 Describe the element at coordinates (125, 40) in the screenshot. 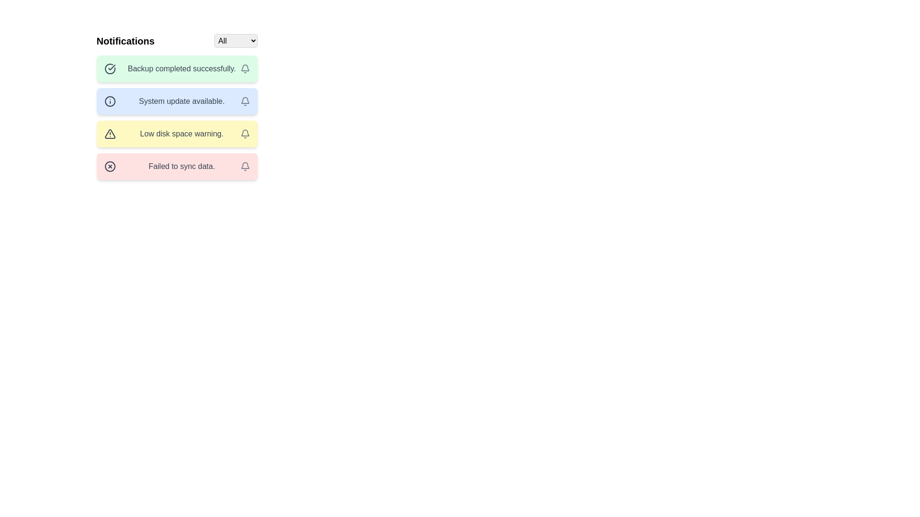

I see `the static text label displaying 'Notifications', which is styled prominently and positioned at the top-left of the notifications section` at that location.